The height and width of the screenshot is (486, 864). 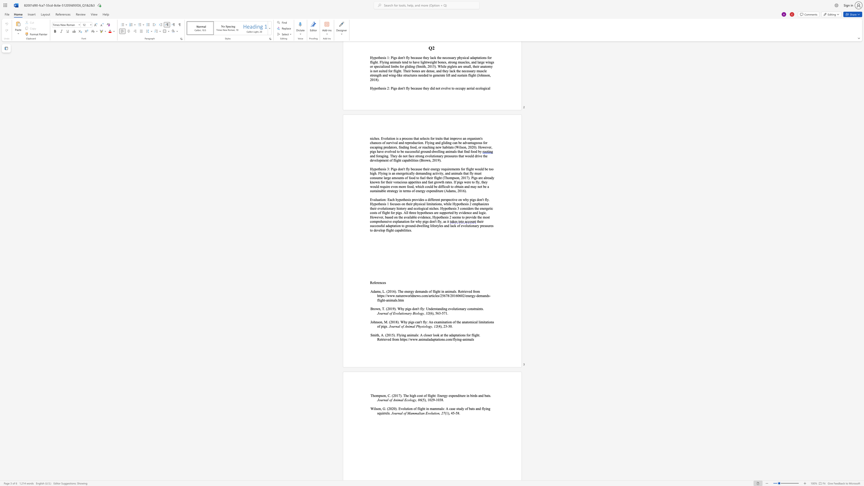 What do you see at coordinates (387, 413) in the screenshot?
I see `the 2th character "l" in the text` at bounding box center [387, 413].